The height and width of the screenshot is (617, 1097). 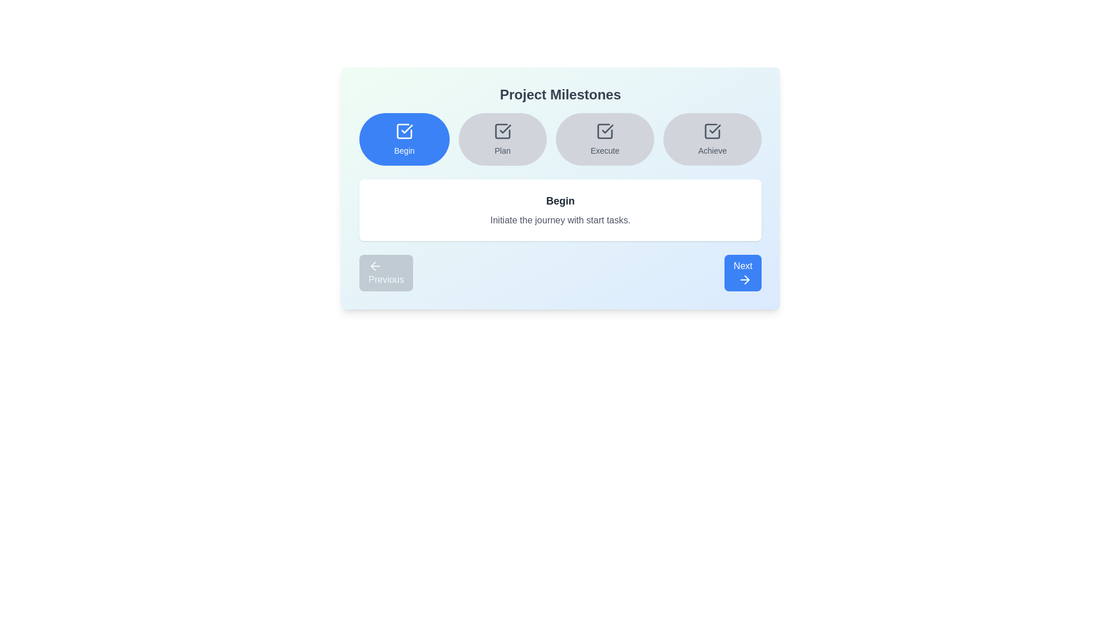 I want to click on the checkmark icon contained within the bright blue circular button labeled 'Begin', so click(x=404, y=131).